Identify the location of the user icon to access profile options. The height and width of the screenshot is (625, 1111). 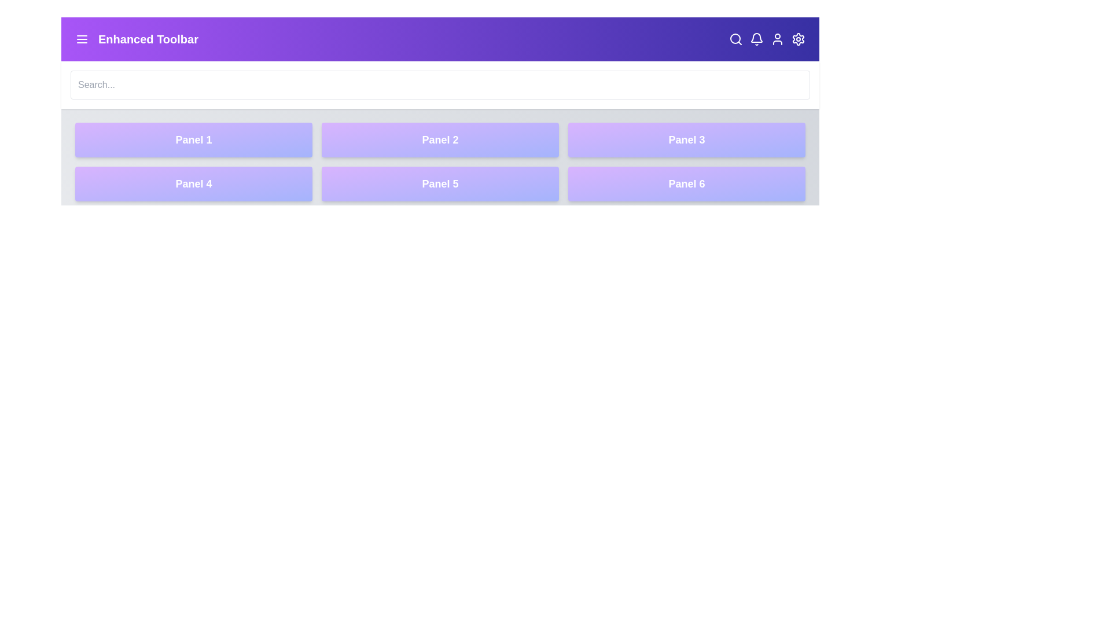
(778, 39).